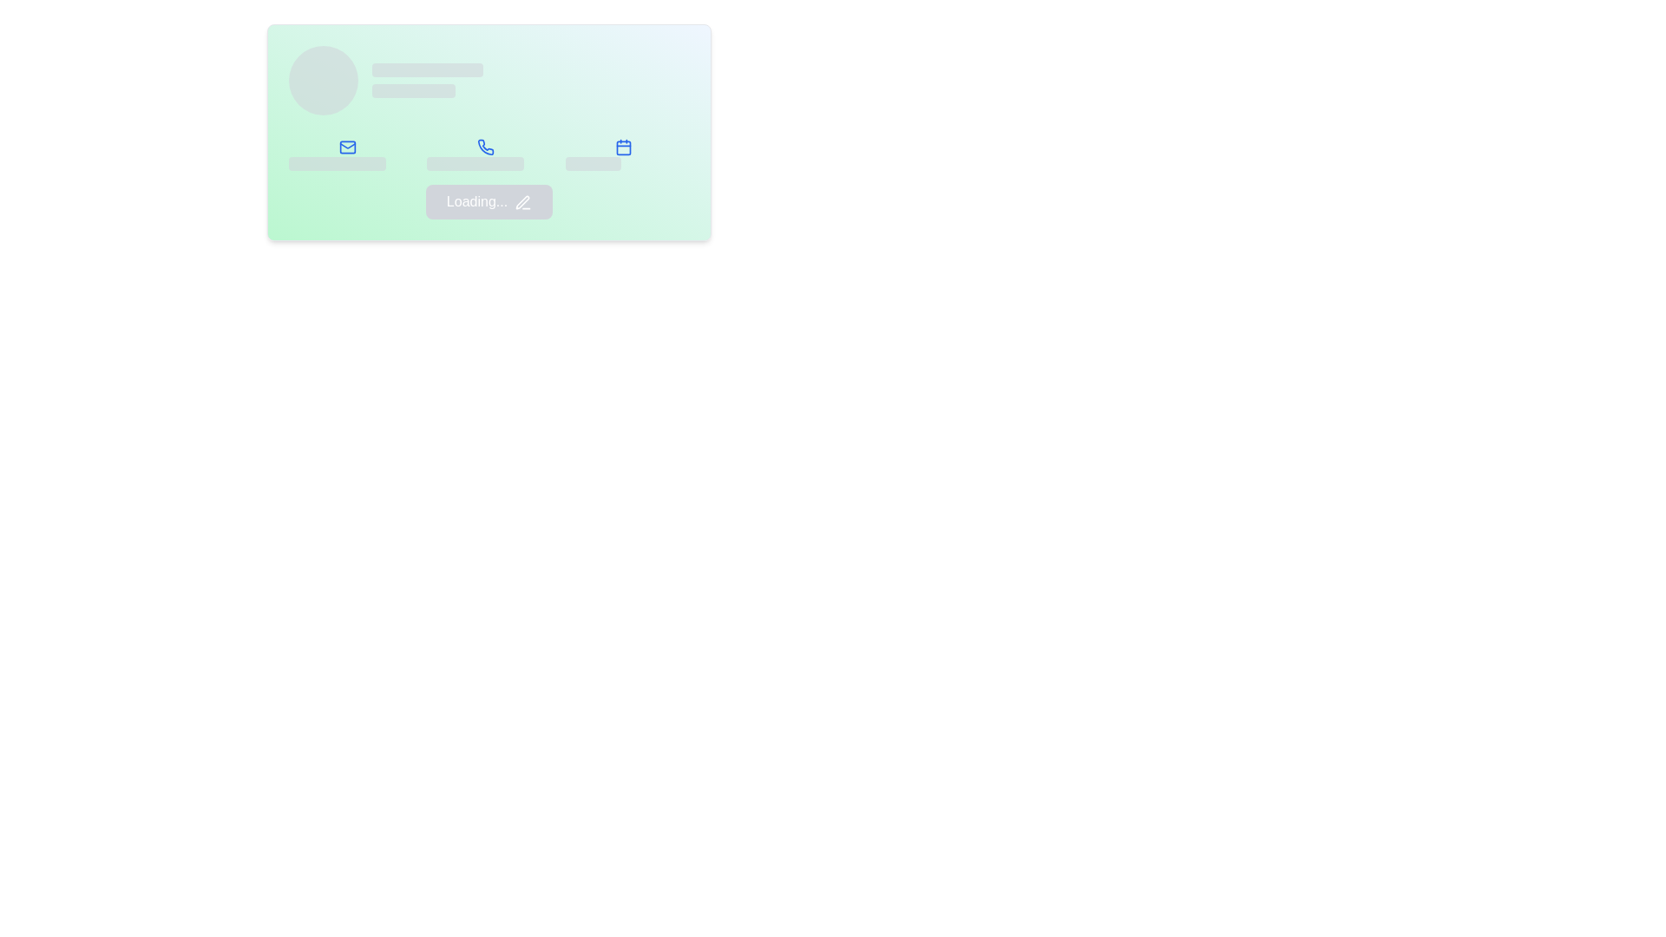 This screenshot has width=1666, height=937. I want to click on the graphical decoration within the calendar icon located in the top-right region of the interface, so click(624, 147).